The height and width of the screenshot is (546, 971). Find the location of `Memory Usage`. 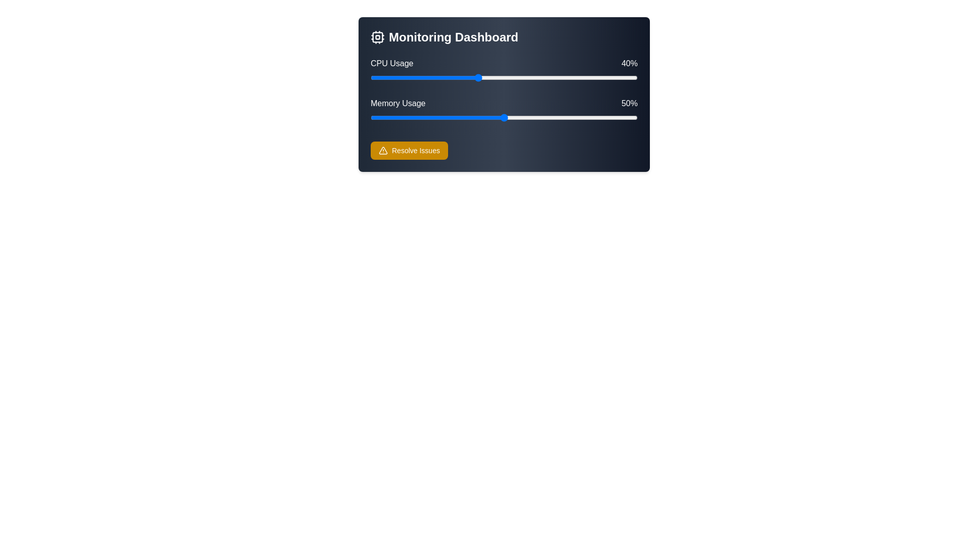

Memory Usage is located at coordinates (552, 117).